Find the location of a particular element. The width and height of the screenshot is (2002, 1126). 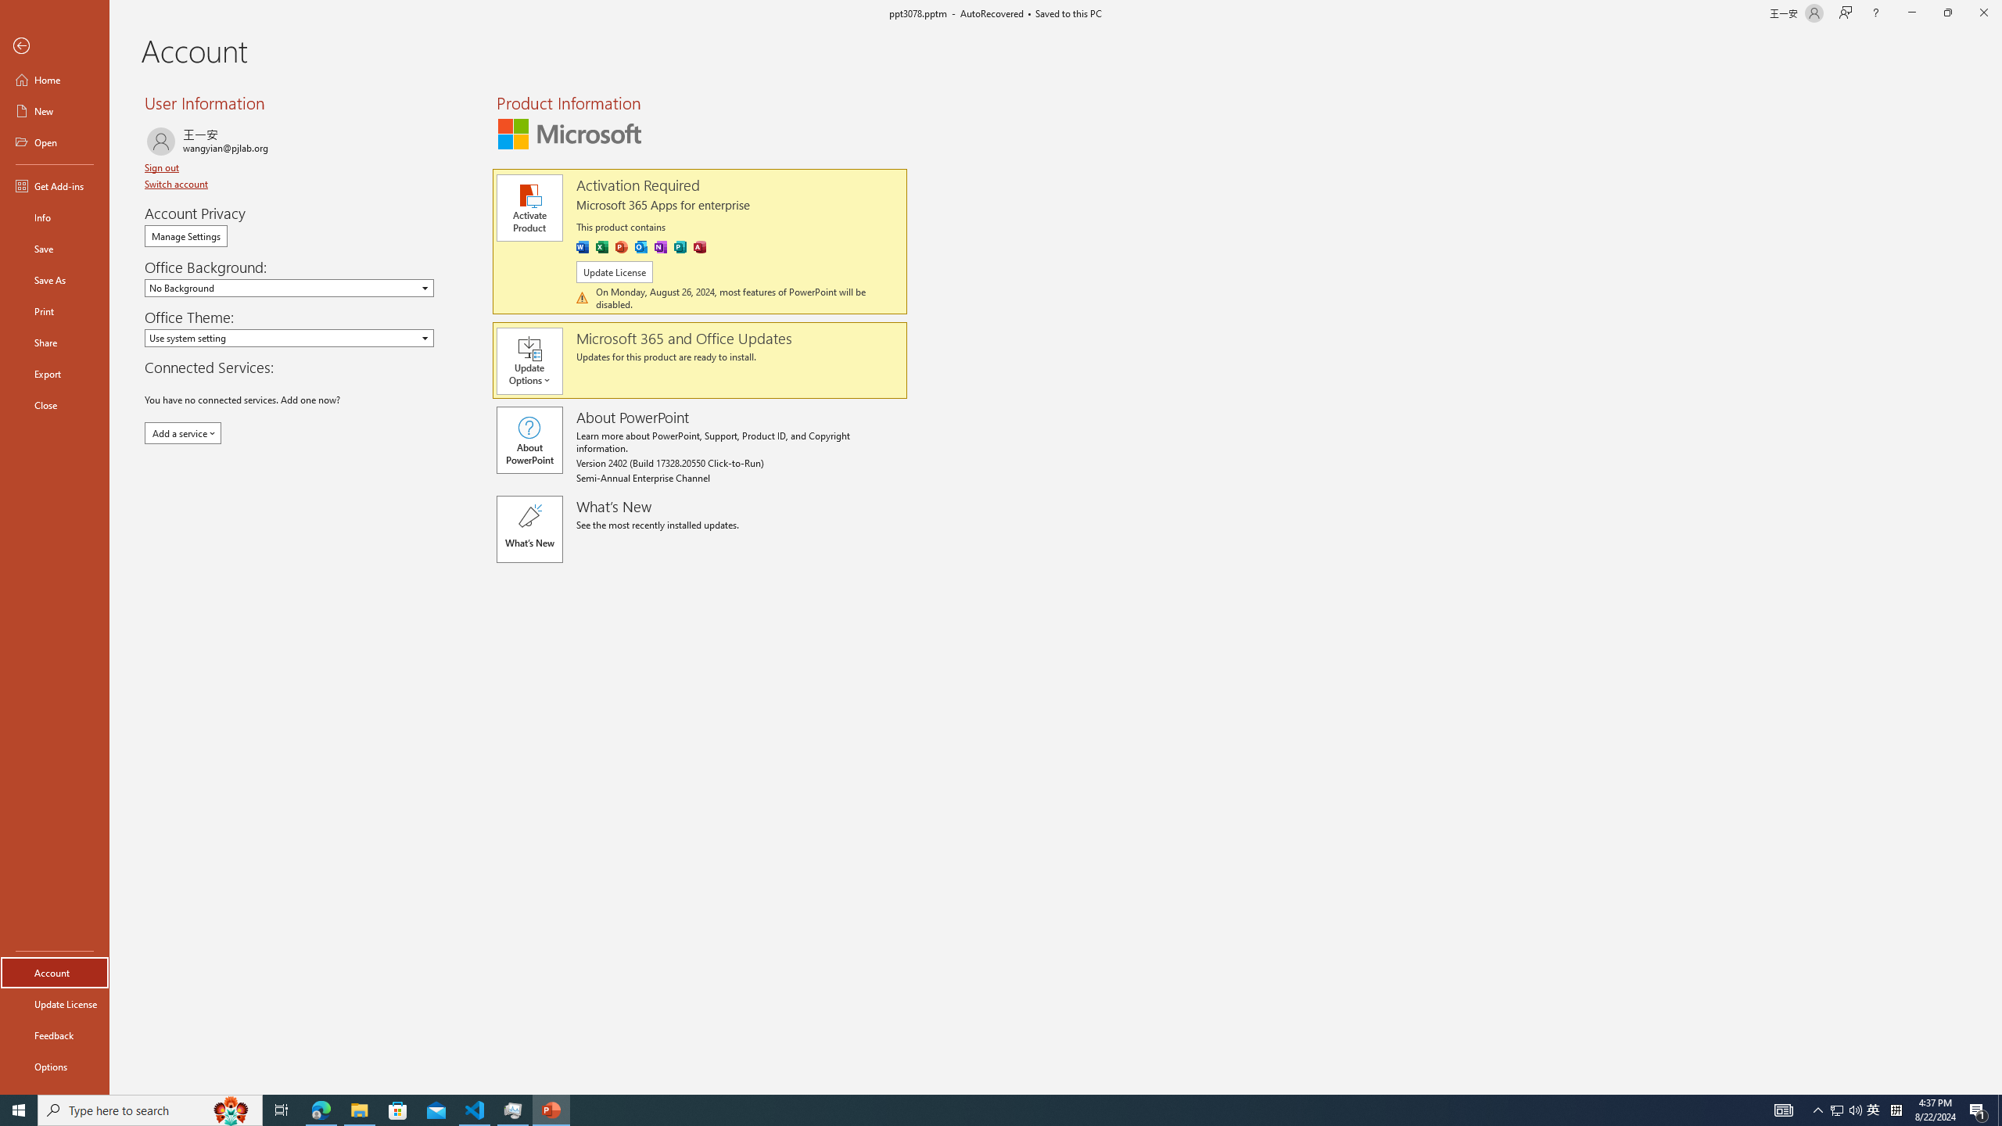

'Get Add-ins' is located at coordinates (54, 185).